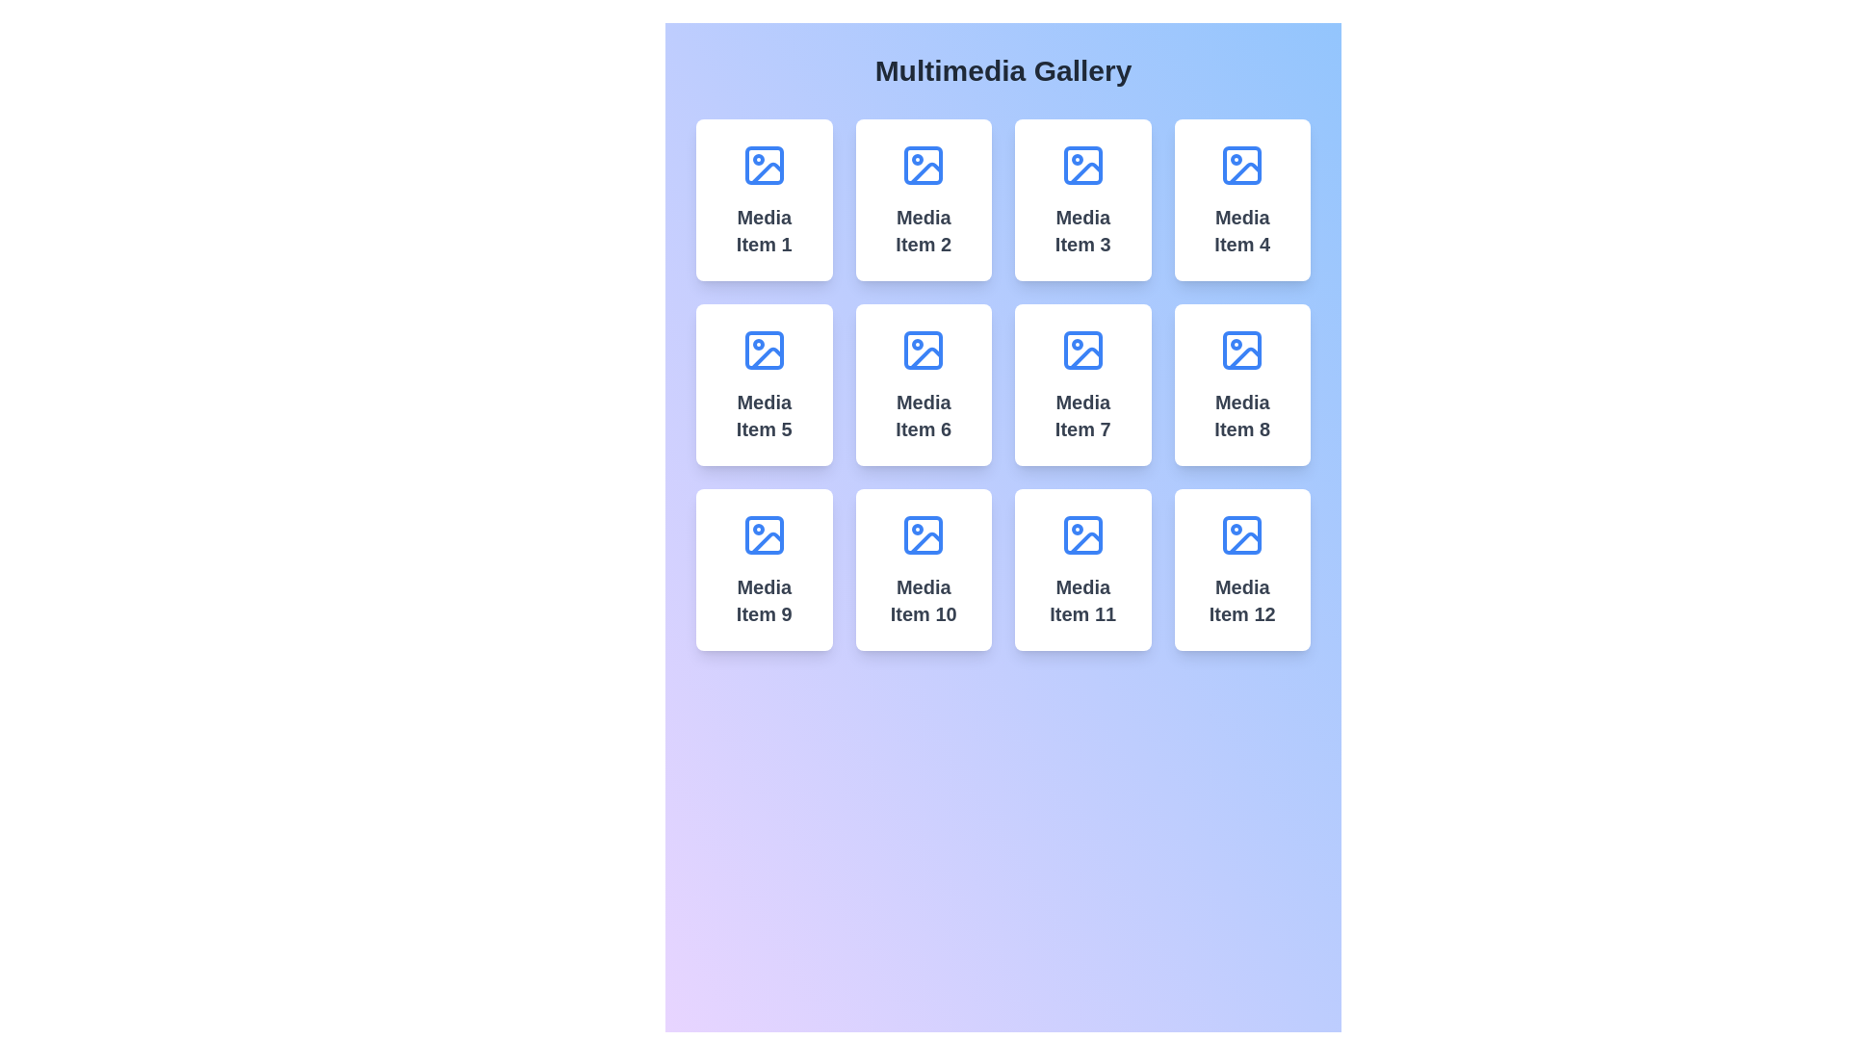  Describe the element at coordinates (1082, 534) in the screenshot. I see `the media icon located in the central upper area of the card labeled 'Media Item 11' in the 4x3 grid layout` at that location.